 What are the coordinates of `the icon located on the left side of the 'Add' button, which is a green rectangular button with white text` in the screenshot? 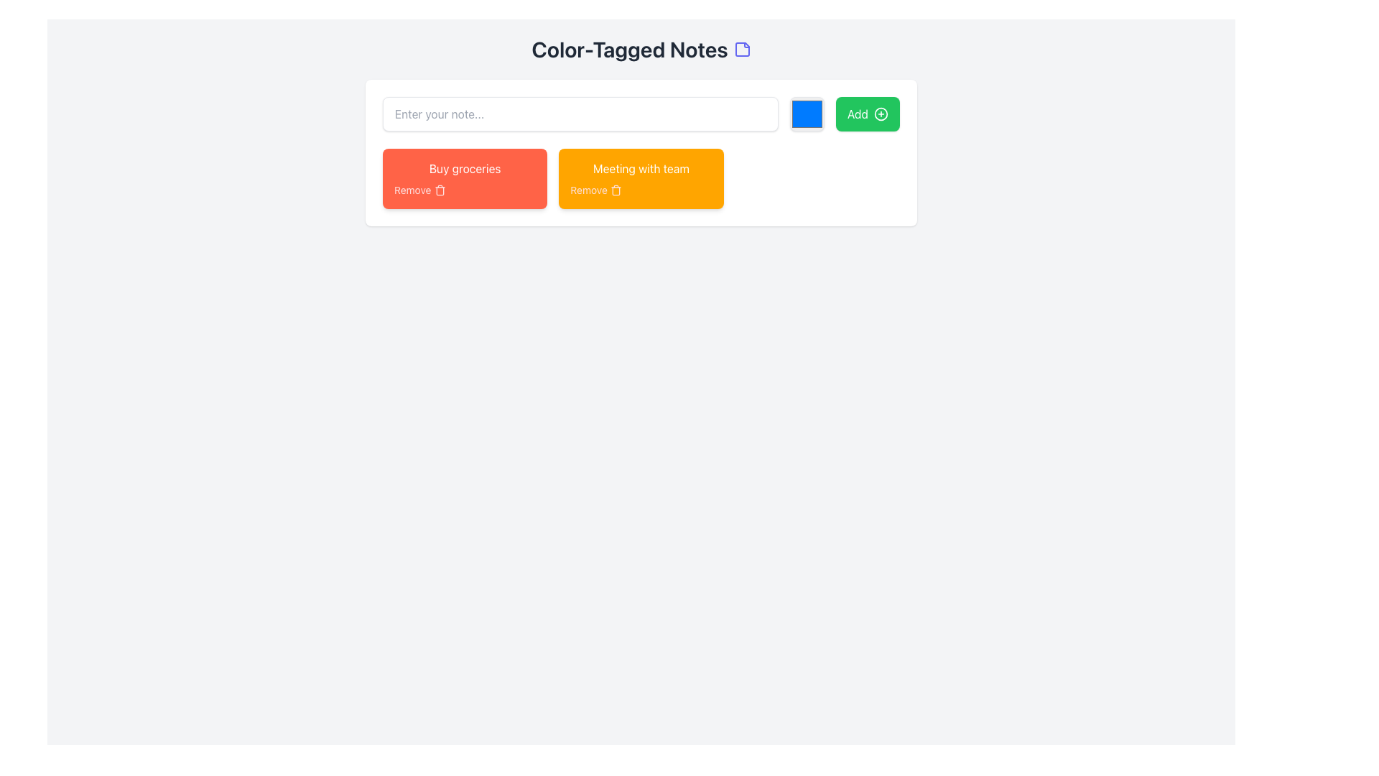 It's located at (881, 113).